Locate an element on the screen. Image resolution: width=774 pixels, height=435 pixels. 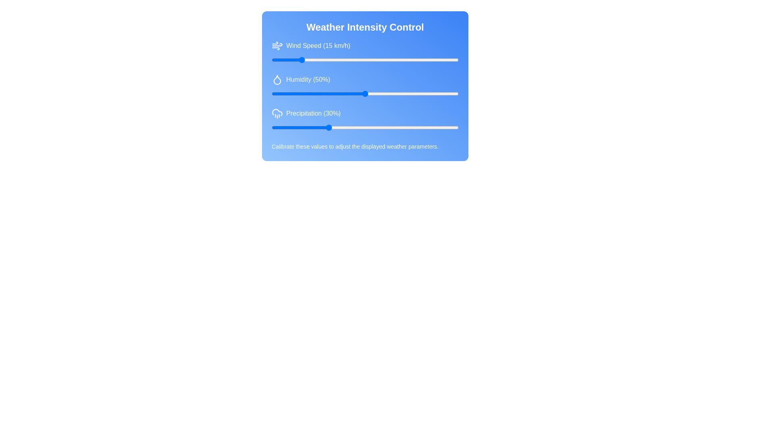
the humidity level is located at coordinates (449, 93).